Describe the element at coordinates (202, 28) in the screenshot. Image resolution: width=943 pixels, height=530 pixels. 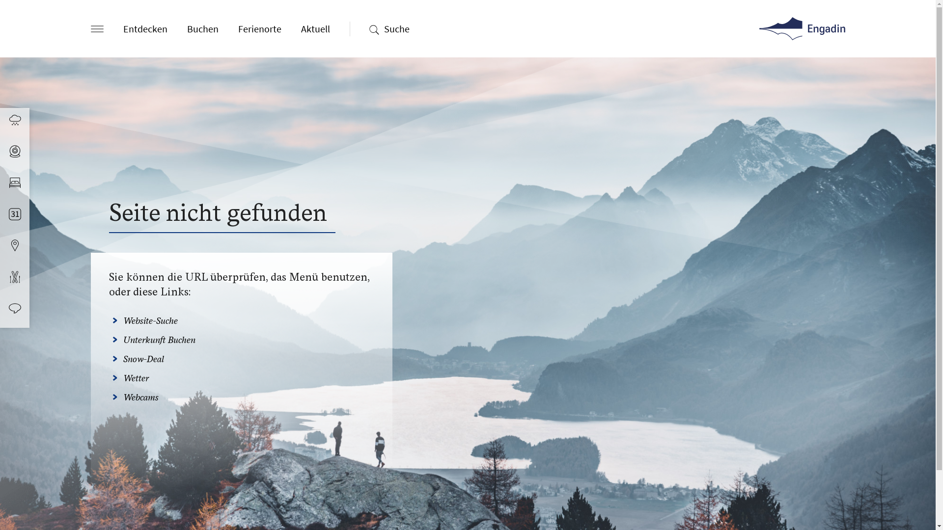
I see `'Buchen'` at that location.